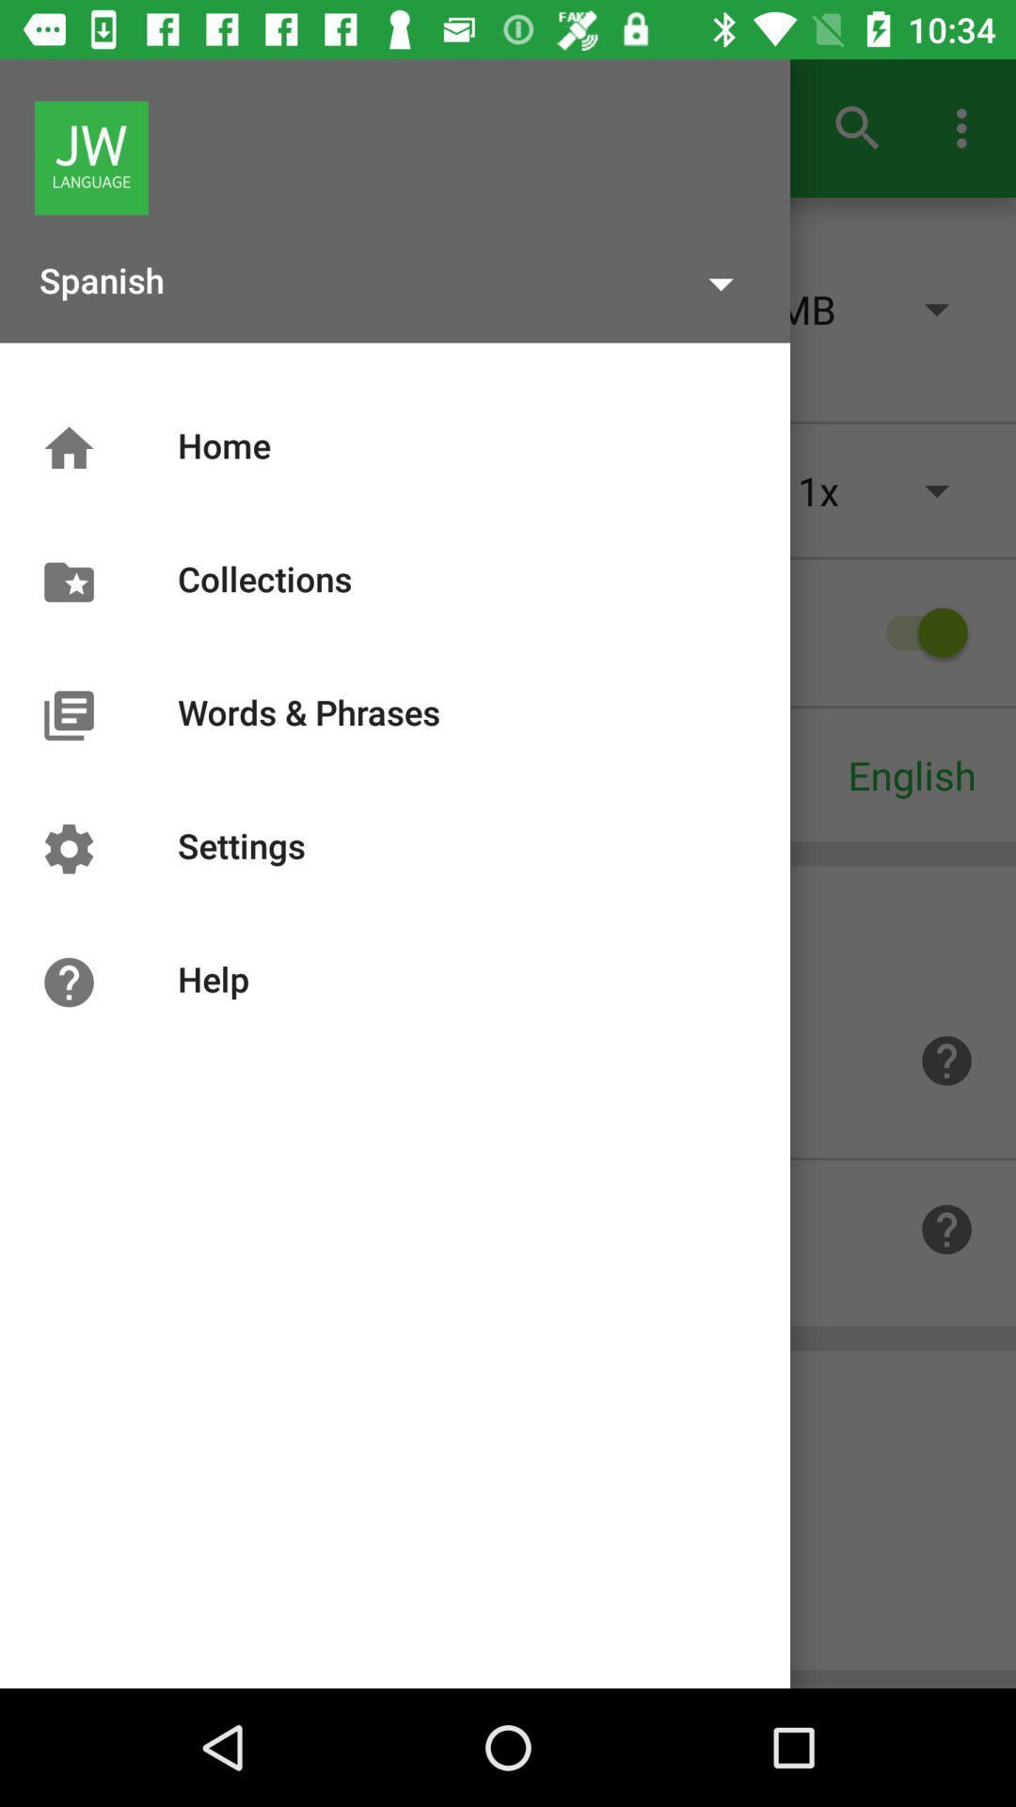 The height and width of the screenshot is (1807, 1016). Describe the element at coordinates (946, 1229) in the screenshot. I see `the help icon` at that location.